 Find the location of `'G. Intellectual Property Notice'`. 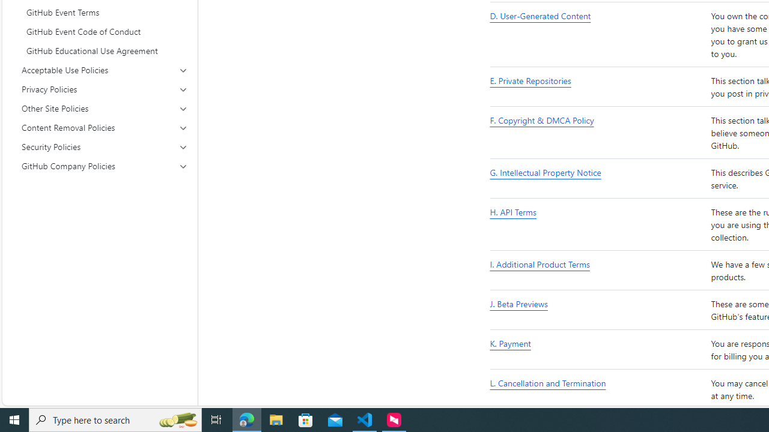

'G. Intellectual Property Notice' is located at coordinates (598, 179).